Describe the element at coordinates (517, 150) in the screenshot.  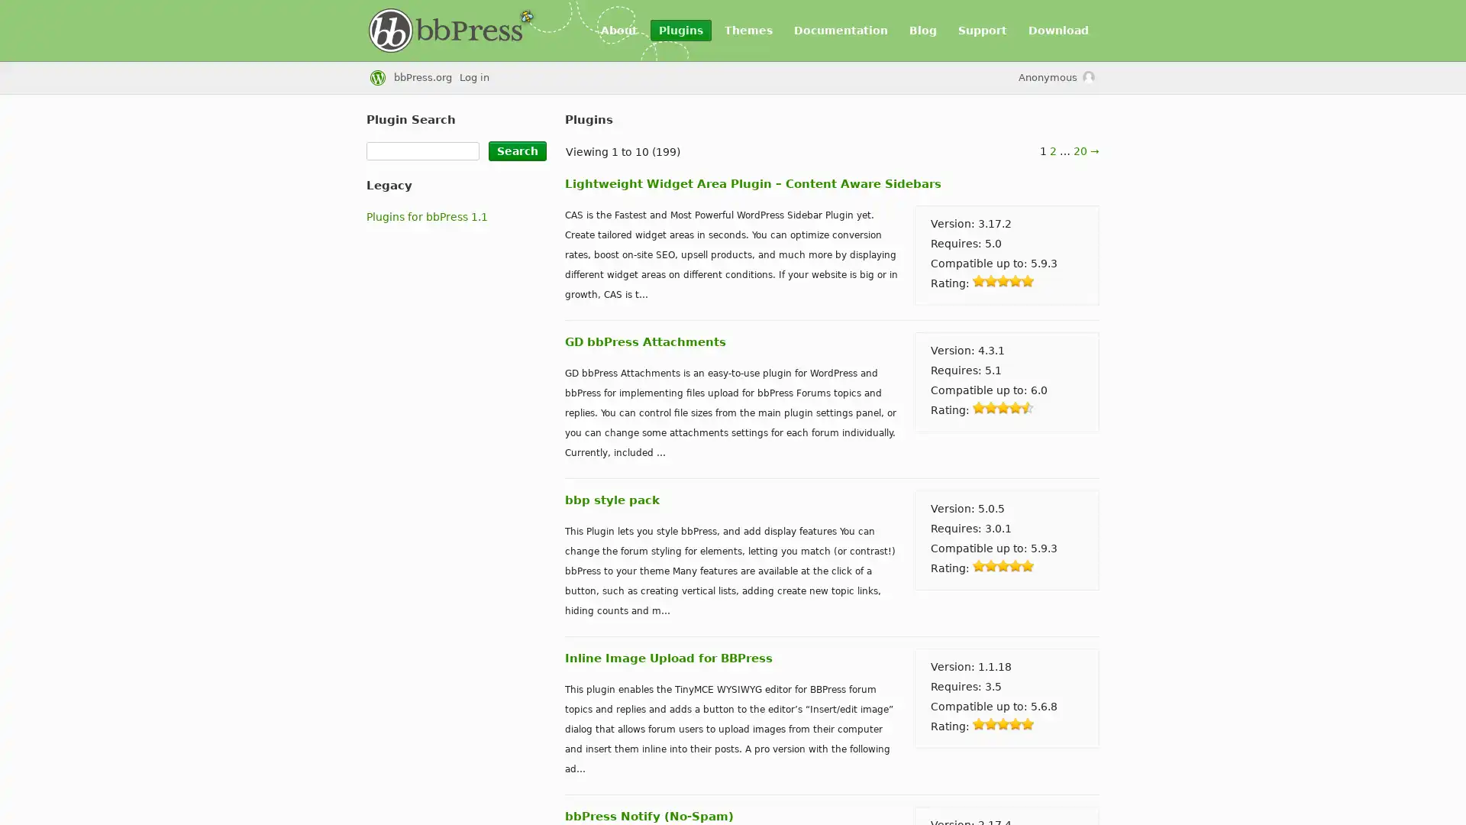
I see `Search` at that location.